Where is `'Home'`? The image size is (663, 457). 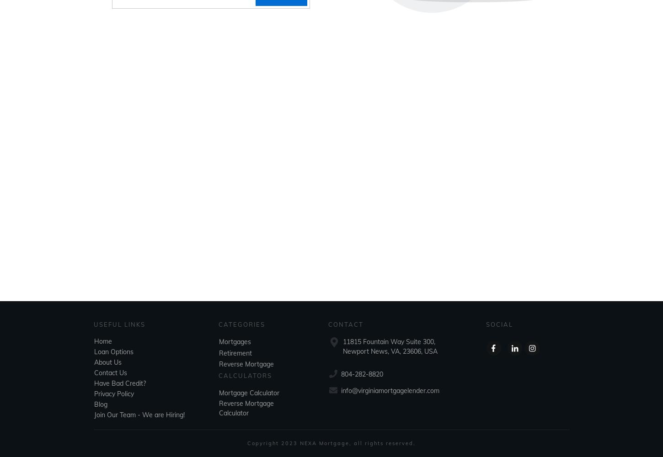 'Home' is located at coordinates (102, 341).